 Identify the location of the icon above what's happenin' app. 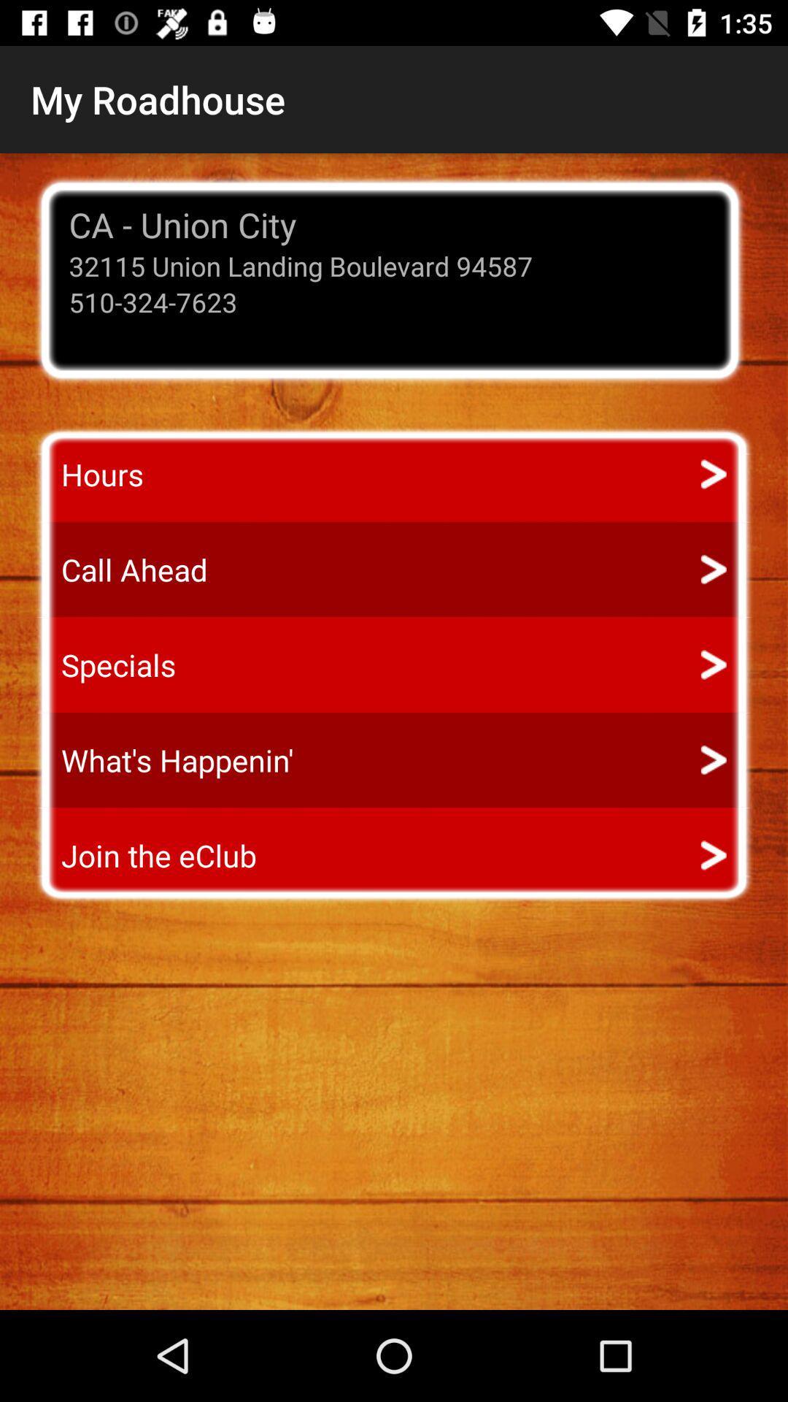
(104, 664).